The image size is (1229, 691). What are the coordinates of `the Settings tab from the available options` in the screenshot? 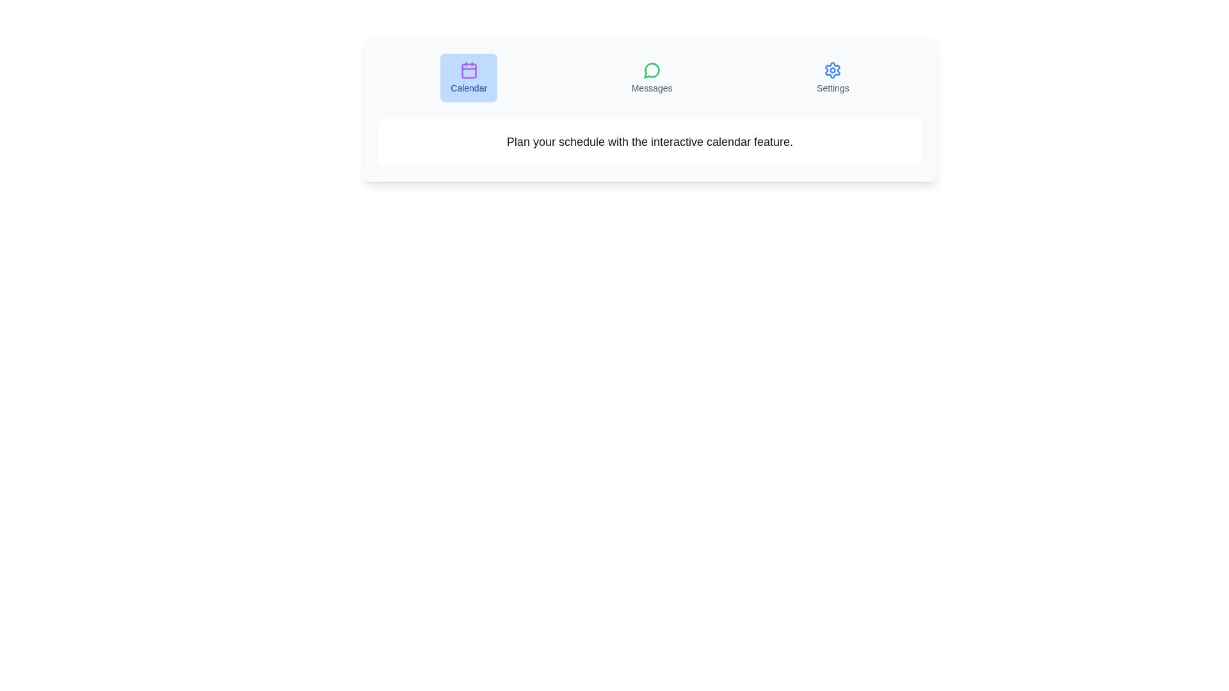 It's located at (832, 78).